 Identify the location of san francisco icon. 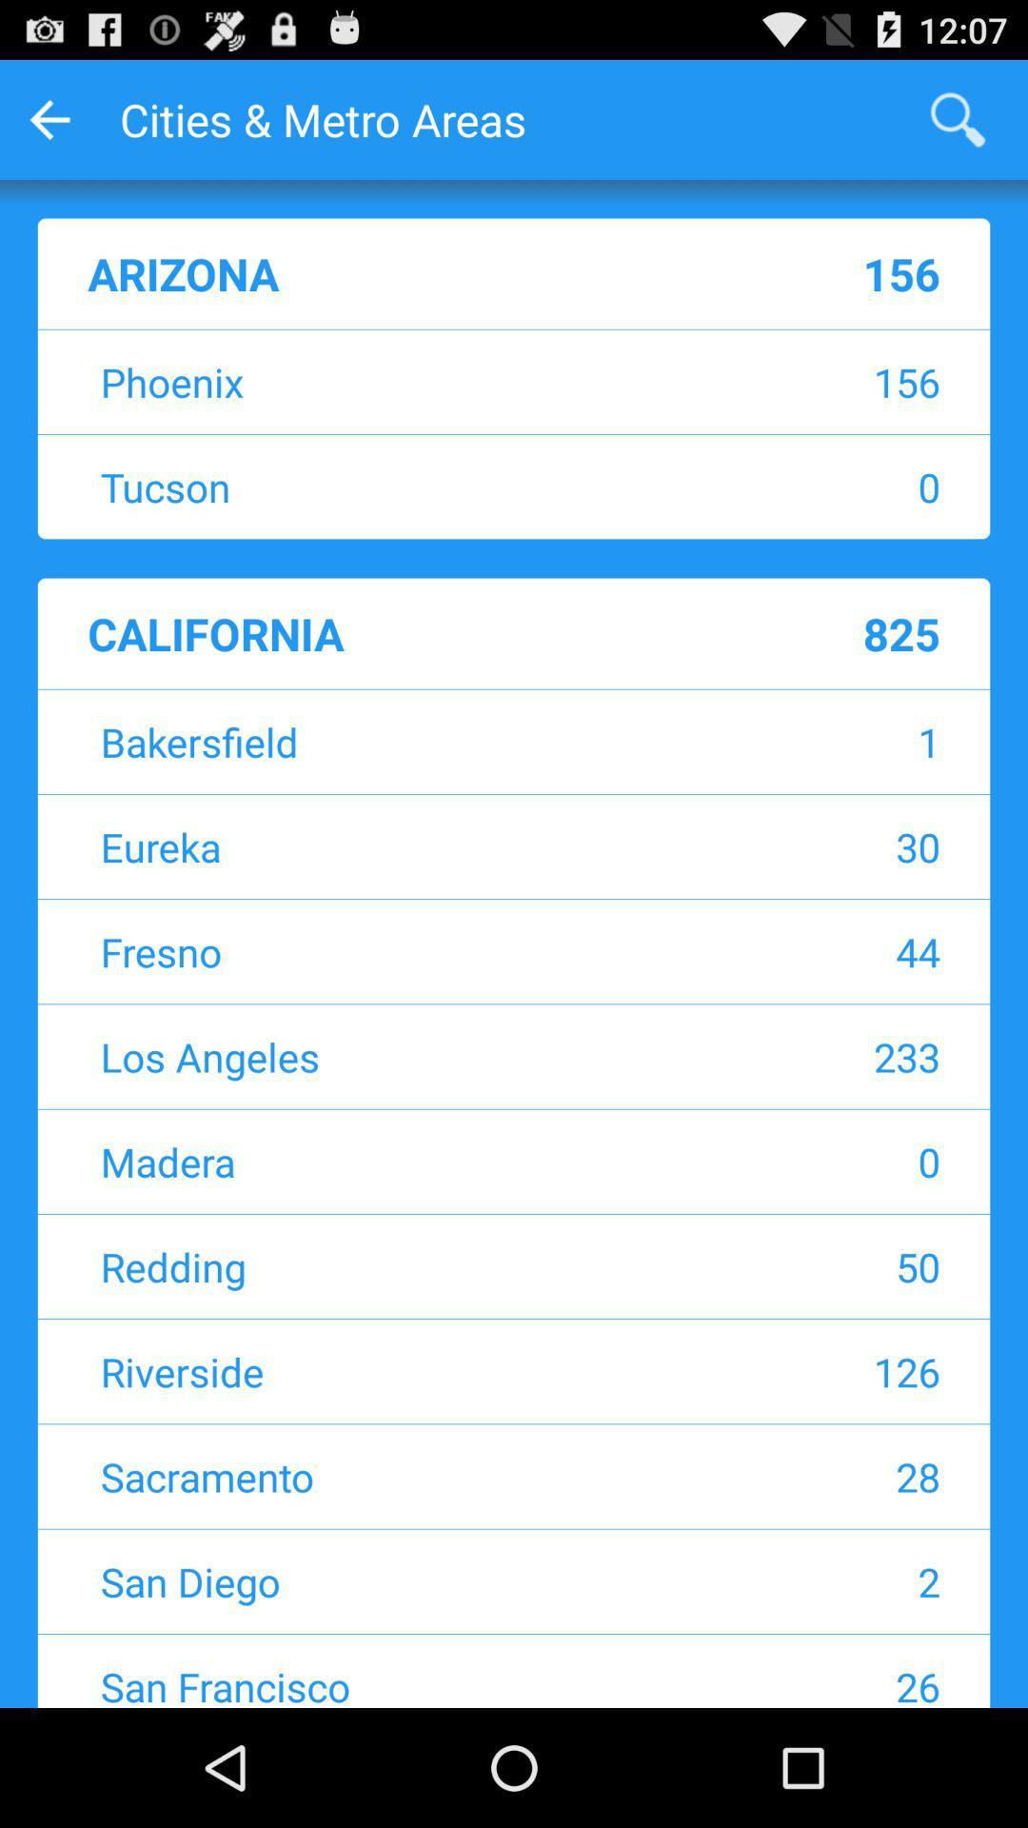
(394, 1683).